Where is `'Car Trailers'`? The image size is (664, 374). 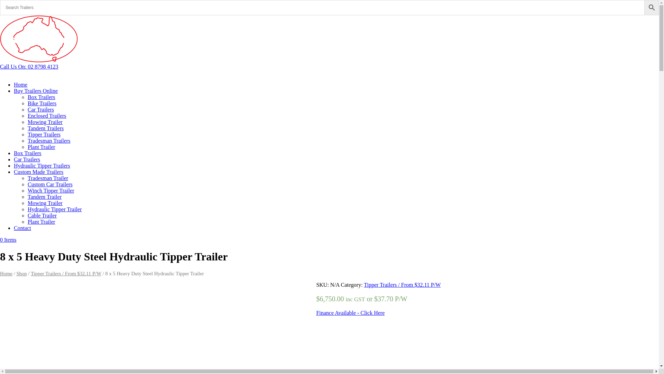
'Car Trailers' is located at coordinates (40, 109).